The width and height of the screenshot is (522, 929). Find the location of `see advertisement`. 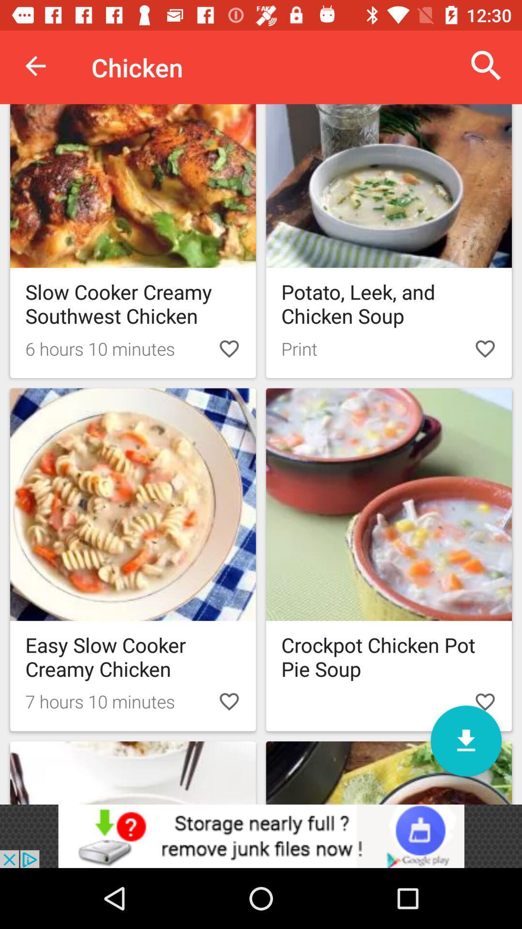

see advertisement is located at coordinates (261, 836).